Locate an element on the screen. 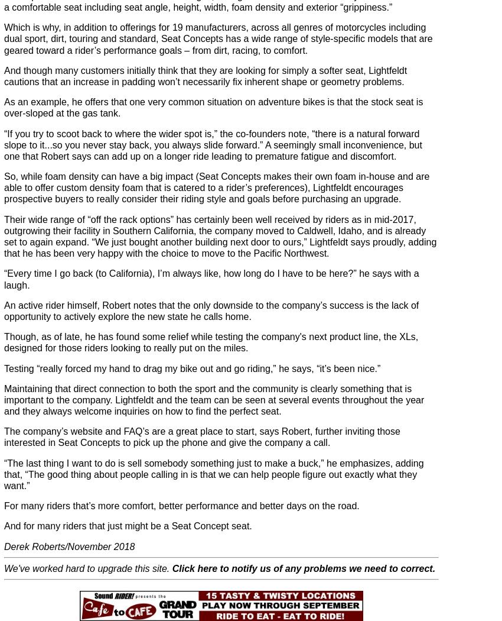 Image resolution: width=502 pixels, height=621 pixels. 'We've worked hard to upgrade this 
				site.' is located at coordinates (88, 567).